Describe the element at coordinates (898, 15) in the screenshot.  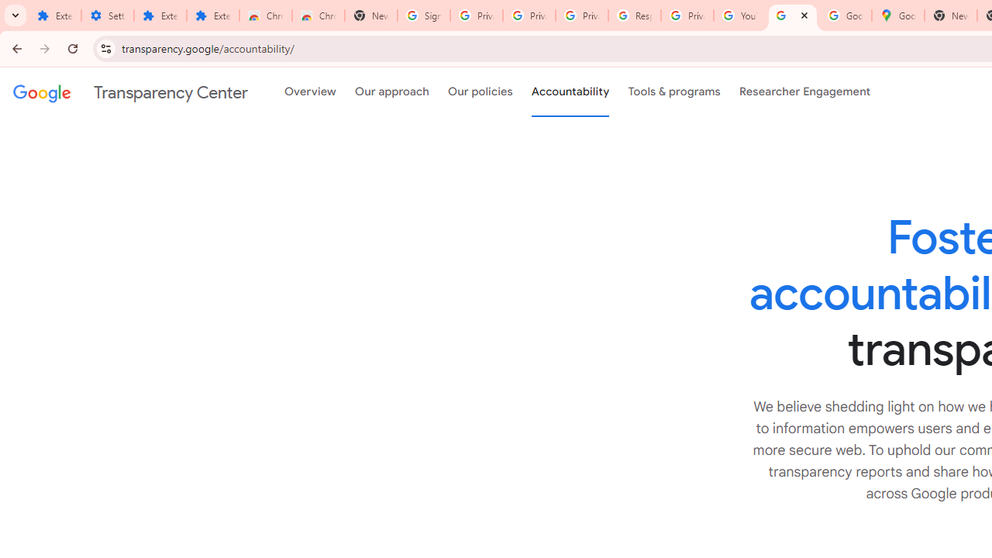
I see `'Google Maps'` at that location.